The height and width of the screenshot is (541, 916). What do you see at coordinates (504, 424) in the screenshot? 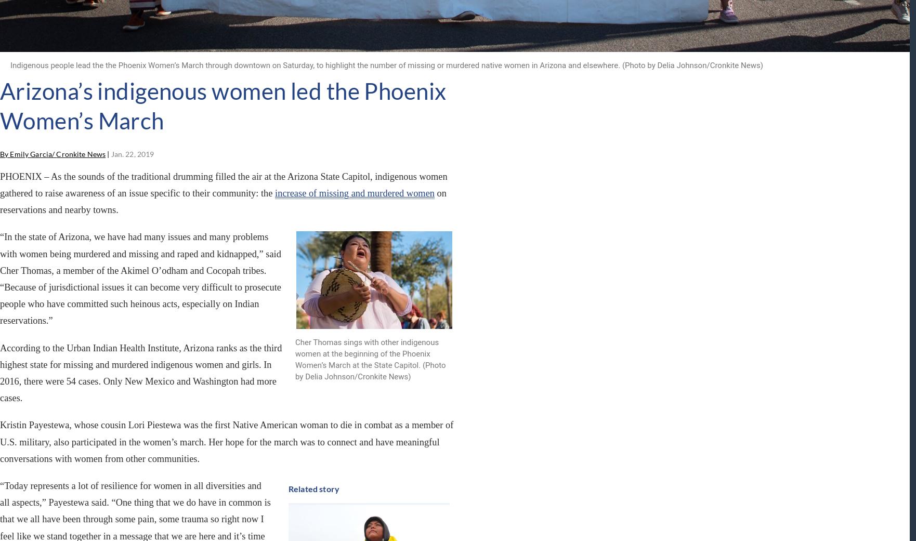
I see `'cronkitenews@asu.edu'` at bounding box center [504, 424].